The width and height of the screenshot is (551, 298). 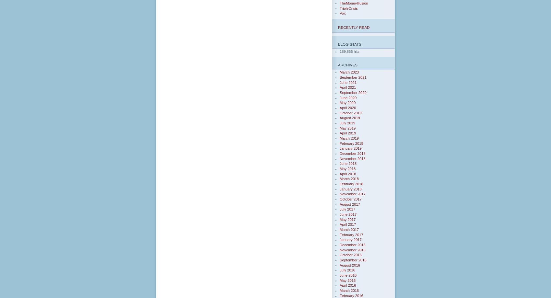 What do you see at coordinates (348, 275) in the screenshot?
I see `'June 2016'` at bounding box center [348, 275].